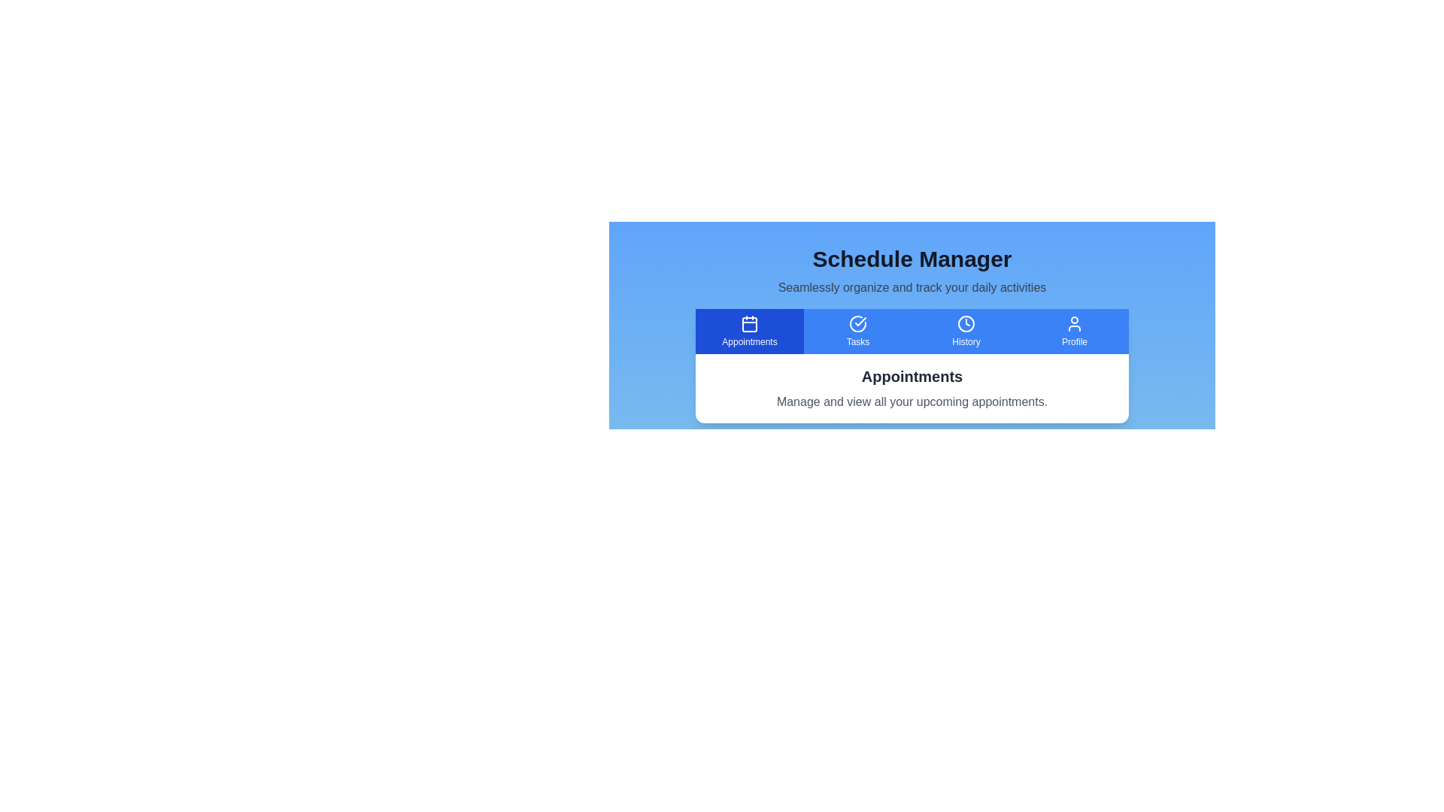 The width and height of the screenshot is (1444, 812). Describe the element at coordinates (912, 376) in the screenshot. I see `the centrally aligned text label that serves as a header for managing and viewing appointments, located above the descriptive text and under the blue navigation bar` at that location.